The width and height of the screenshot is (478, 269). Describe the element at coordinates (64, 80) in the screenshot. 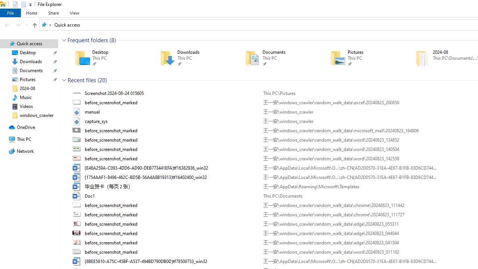

I see `'Collapse Group'` at that location.